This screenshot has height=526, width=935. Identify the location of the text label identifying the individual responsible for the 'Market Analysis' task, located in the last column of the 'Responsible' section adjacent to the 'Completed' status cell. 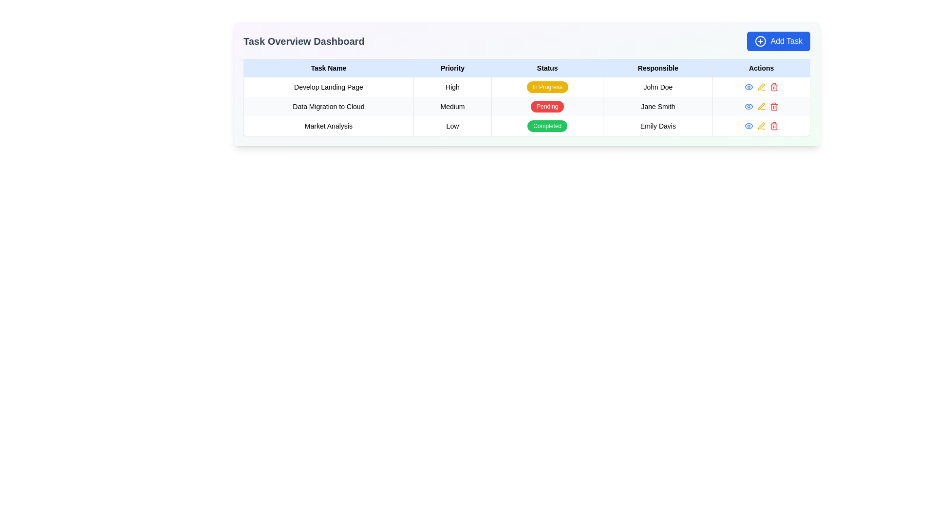
(658, 126).